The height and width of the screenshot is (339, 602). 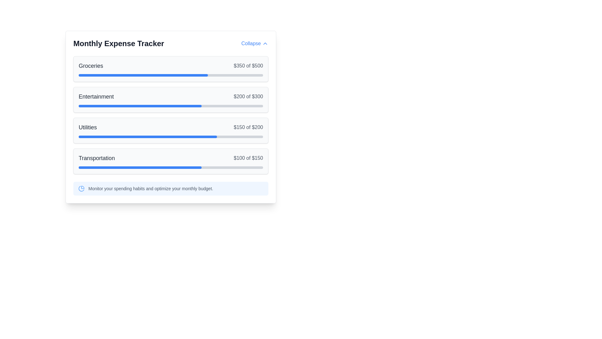 What do you see at coordinates (171, 106) in the screenshot?
I see `the progress bar representing the expenses utilized within the 'Entertainment' category, which is located beneath the 'Entertainment' label and the '$200 of $300' text` at bounding box center [171, 106].